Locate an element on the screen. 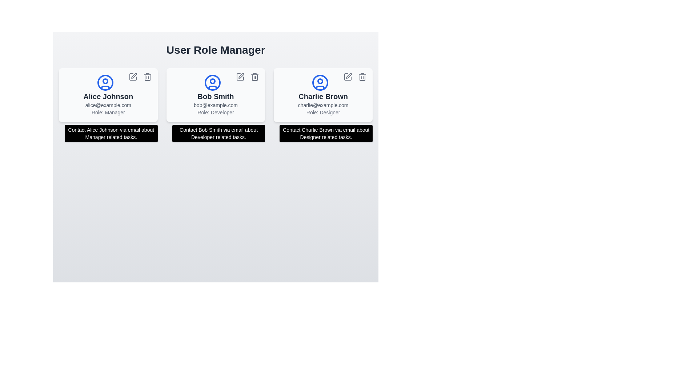 The width and height of the screenshot is (698, 392). the pen icon in the top-right corner of Charlie Brown's user card to change its appearance is located at coordinates (347, 77).